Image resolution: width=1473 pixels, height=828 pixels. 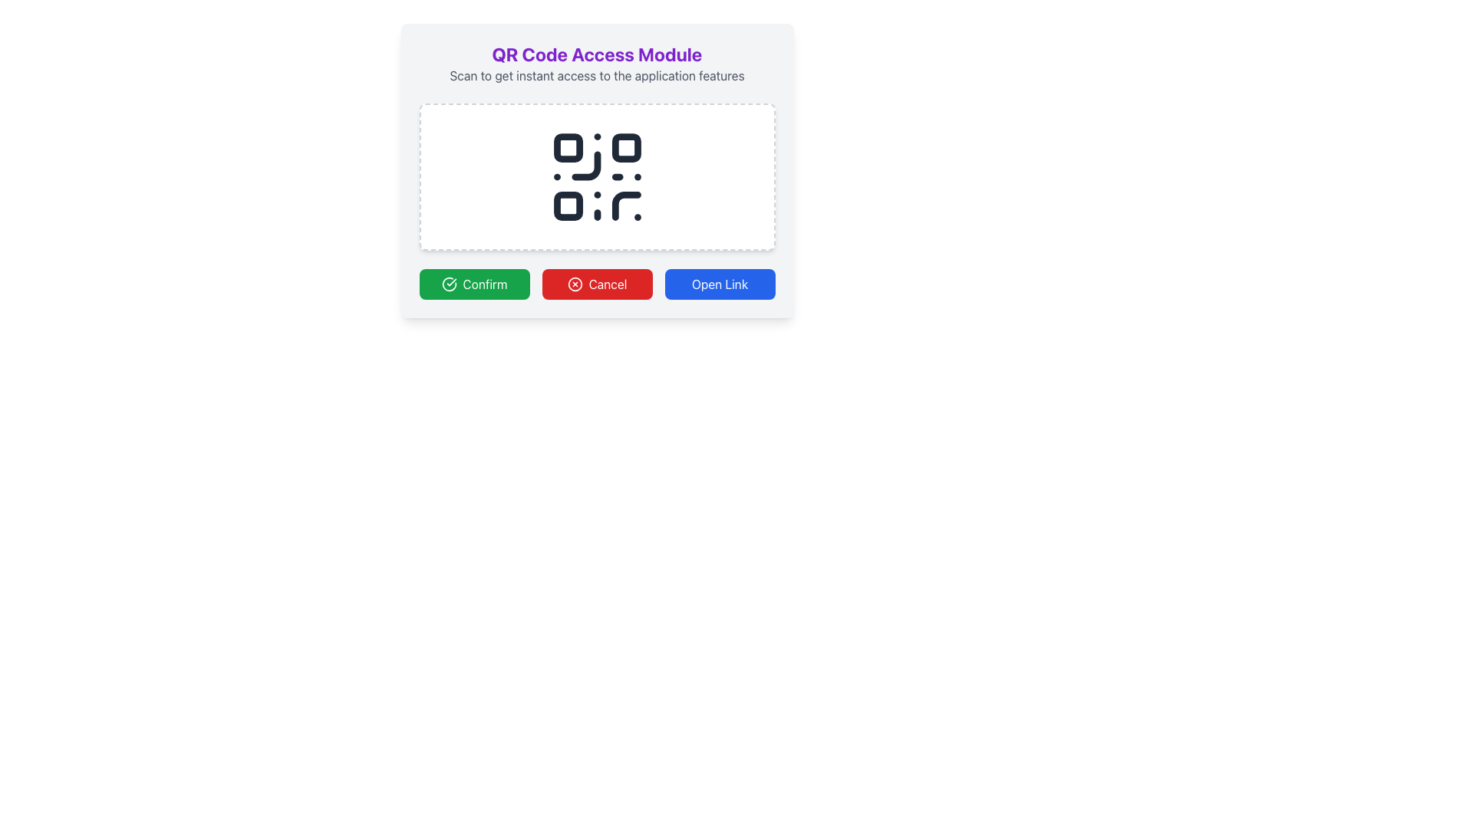 I want to click on the square with rounded corners that is part of the QR code graphic, positioned in the upper right quadrant and is the second square from the left among the larger visible squares, so click(x=626, y=148).